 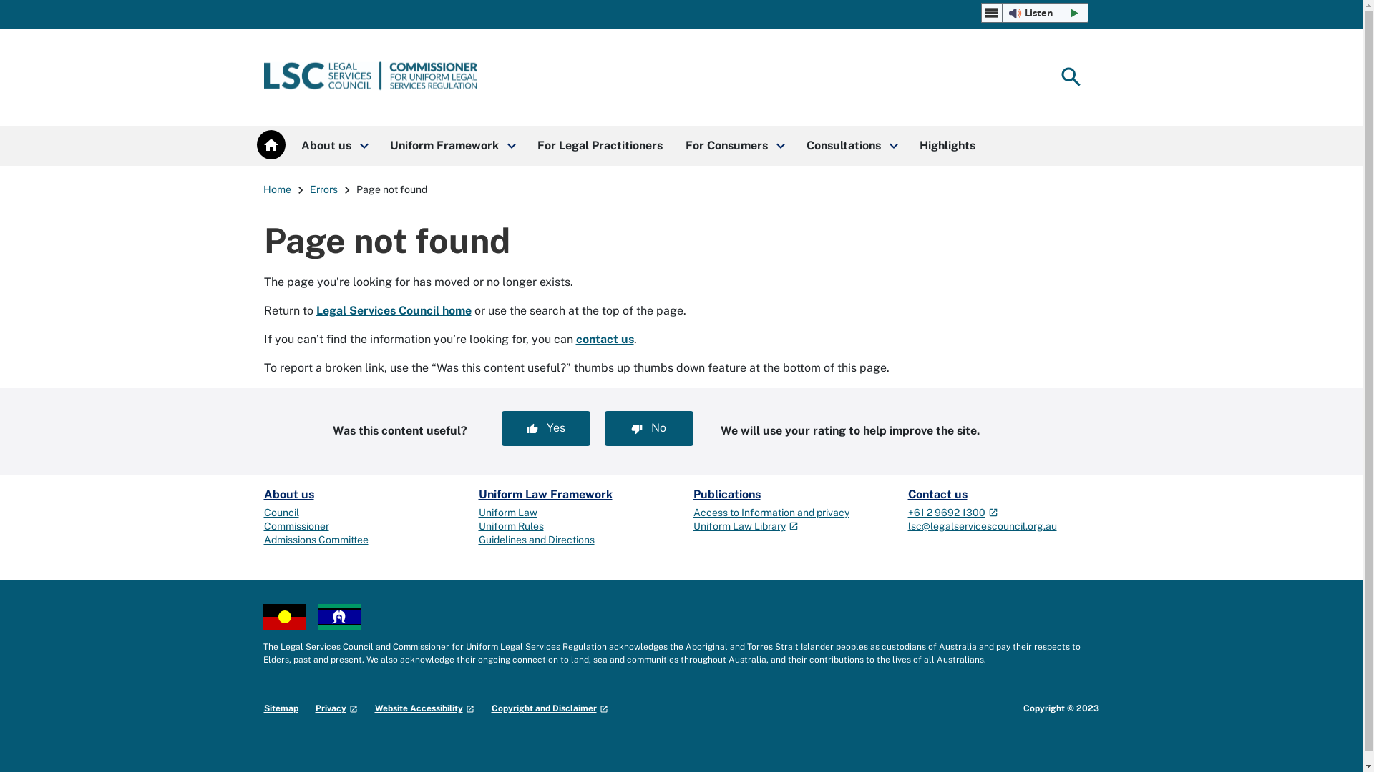 I want to click on 'Guidelines and Directions', so click(x=535, y=540).